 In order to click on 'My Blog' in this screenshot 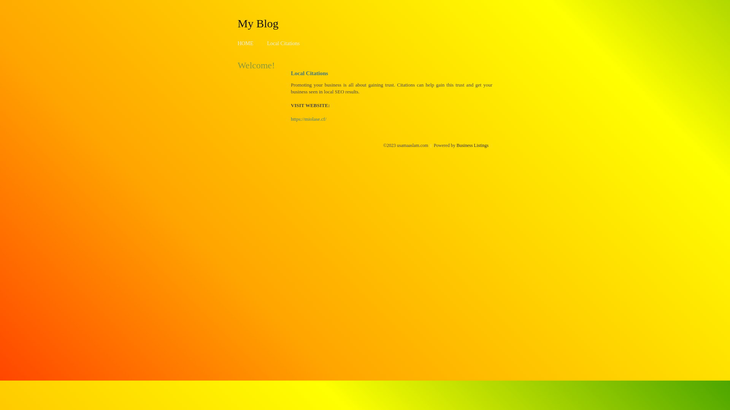, I will do `click(258, 23)`.